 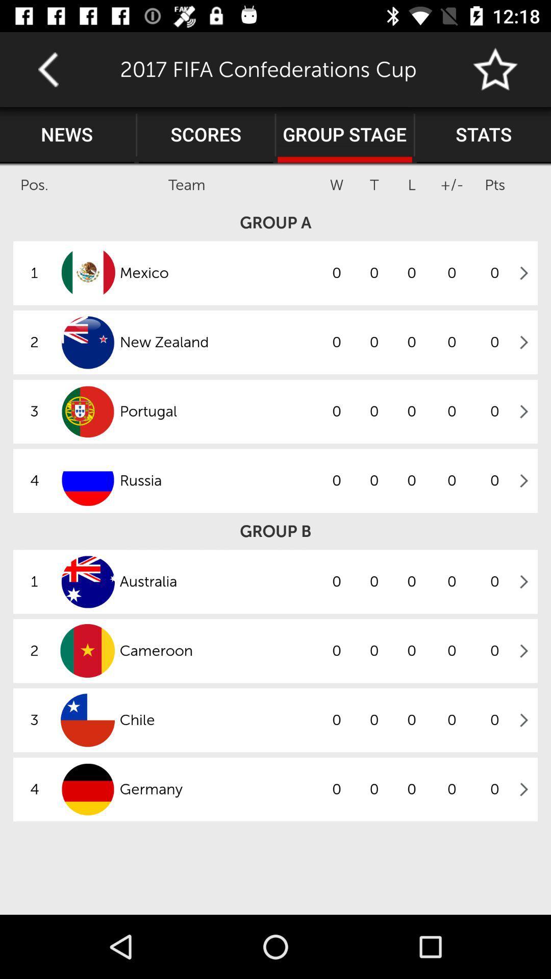 What do you see at coordinates (218, 650) in the screenshot?
I see `item to the left of the 0 icon` at bounding box center [218, 650].